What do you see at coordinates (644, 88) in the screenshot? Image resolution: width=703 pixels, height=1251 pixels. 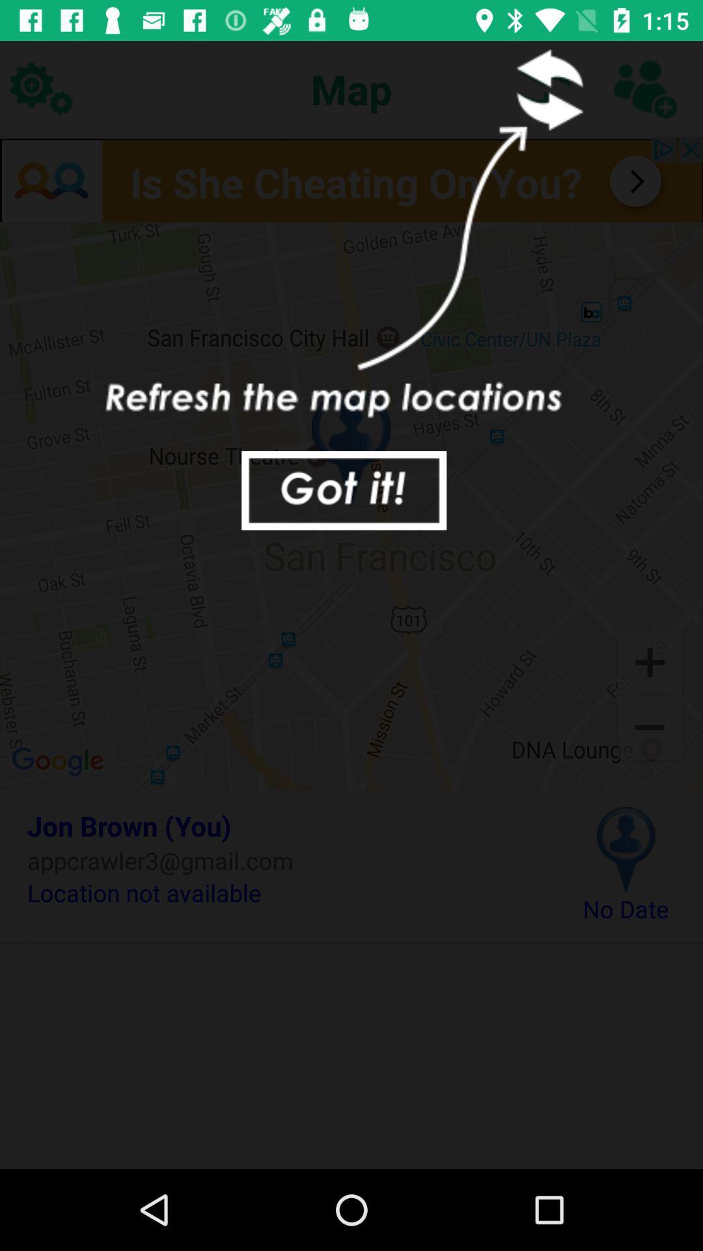 I see `user information` at bounding box center [644, 88].